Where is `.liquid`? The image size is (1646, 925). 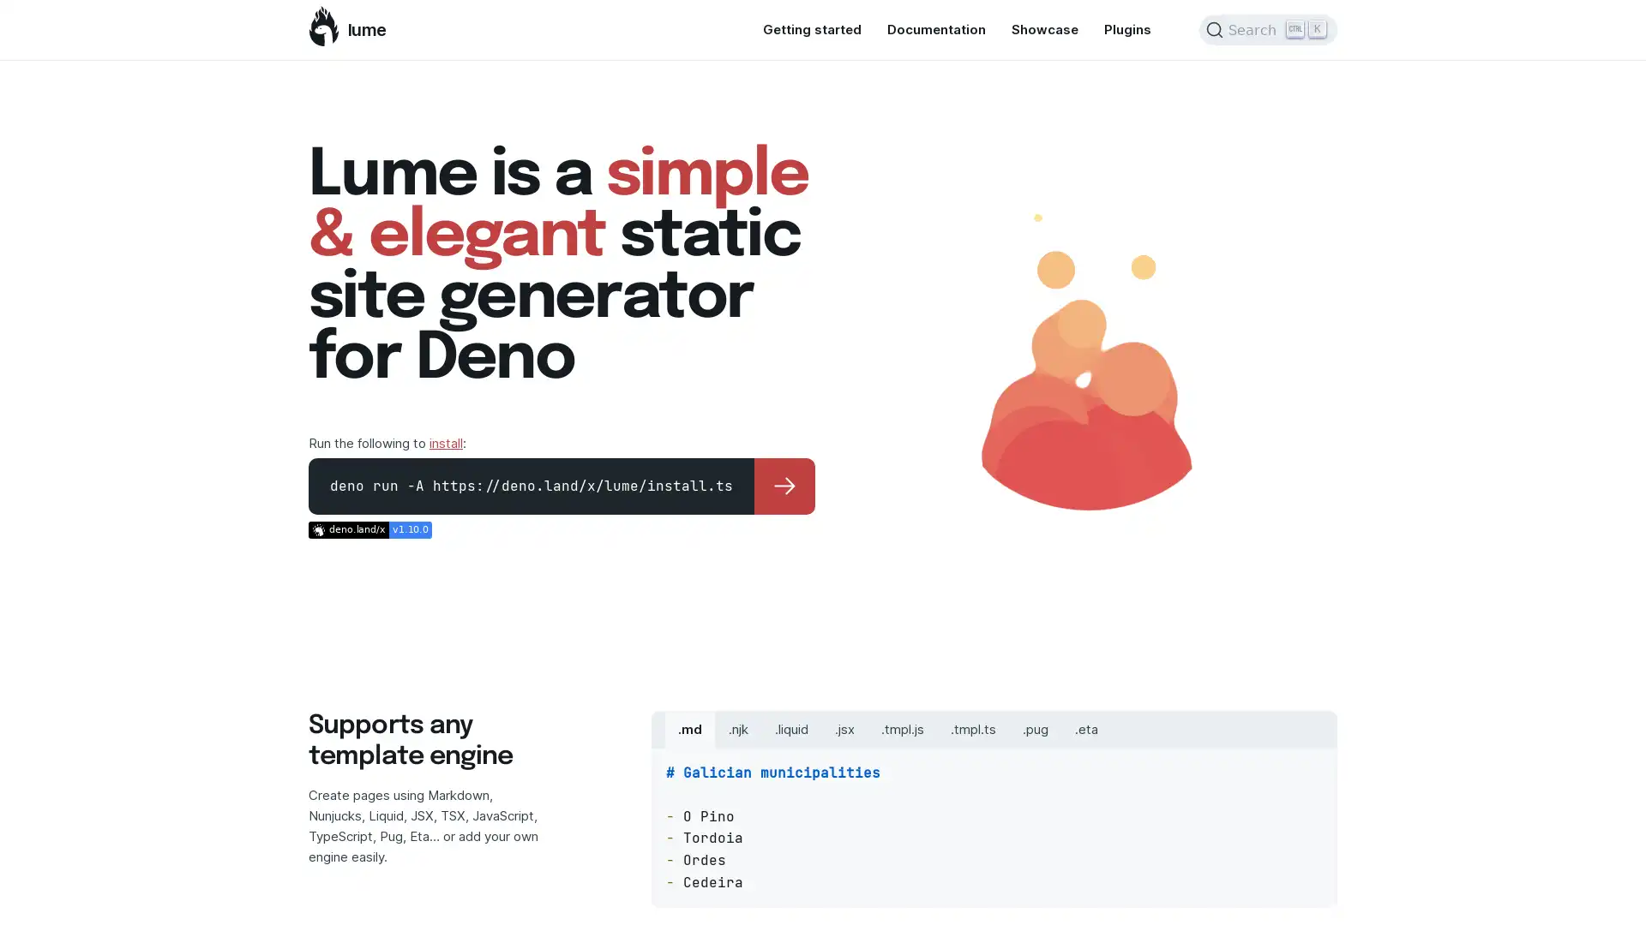
.liquid is located at coordinates (790, 729).